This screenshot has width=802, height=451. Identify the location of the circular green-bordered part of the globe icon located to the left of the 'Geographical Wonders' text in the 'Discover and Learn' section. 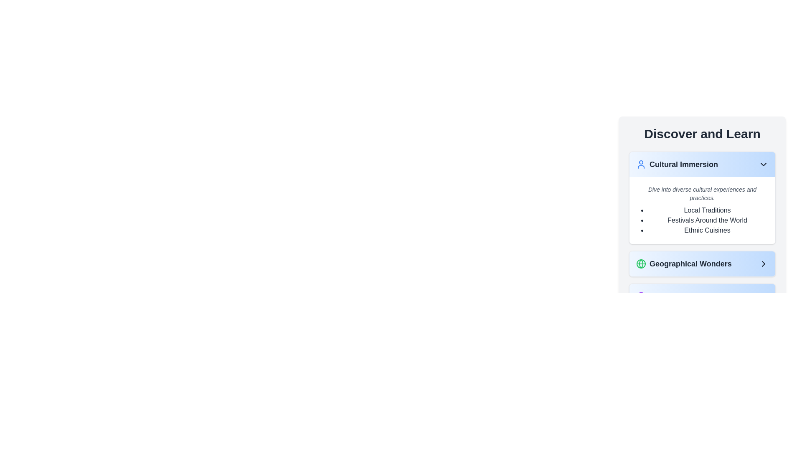
(641, 264).